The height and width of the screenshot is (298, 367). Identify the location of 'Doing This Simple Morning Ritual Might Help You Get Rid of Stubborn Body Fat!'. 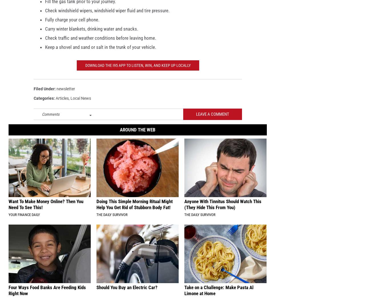
(134, 208).